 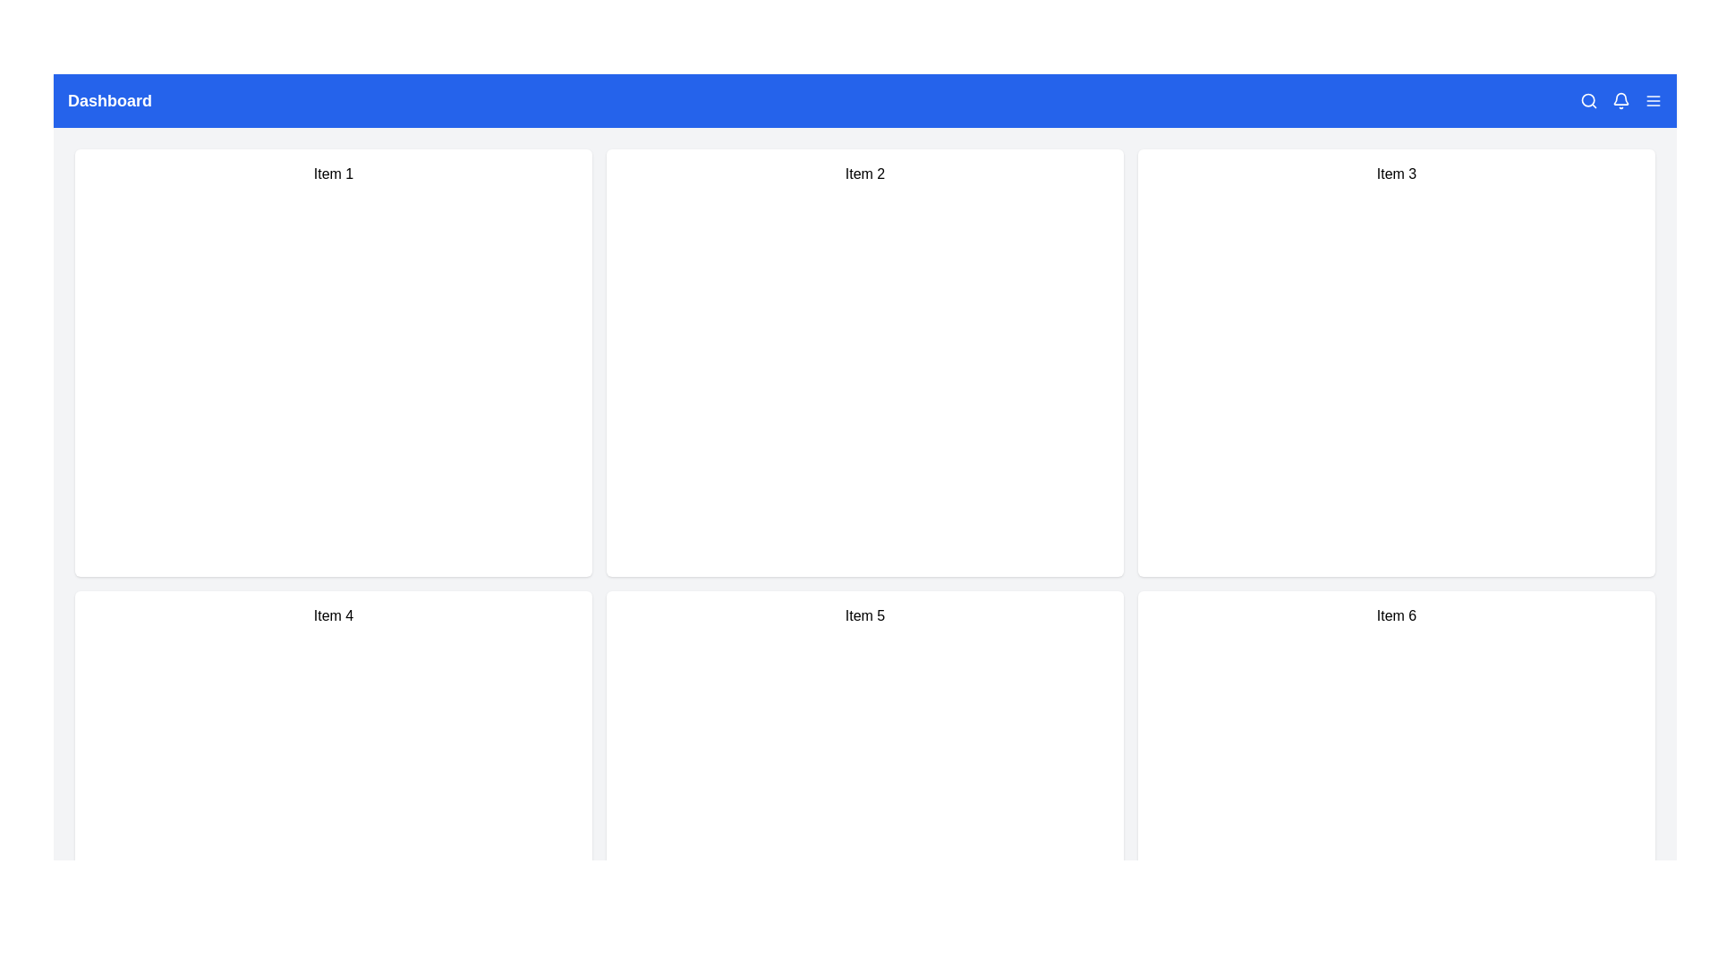 I want to click on the SVG Circle that represents the handle of the search icon located in the top-right corner of the navigation bar, so click(x=1588, y=100).